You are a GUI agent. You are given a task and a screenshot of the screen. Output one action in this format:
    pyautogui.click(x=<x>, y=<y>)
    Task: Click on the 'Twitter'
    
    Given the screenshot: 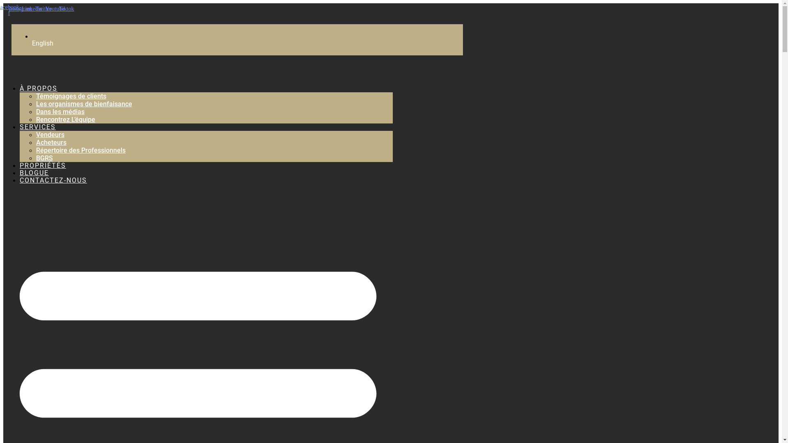 What is the action you would take?
    pyautogui.click(x=43, y=9)
    